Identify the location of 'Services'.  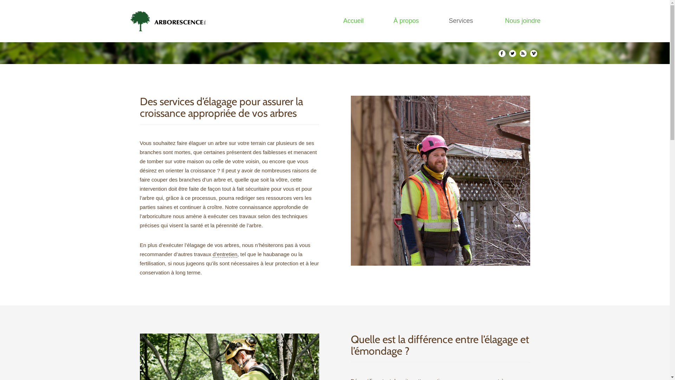
(462, 20).